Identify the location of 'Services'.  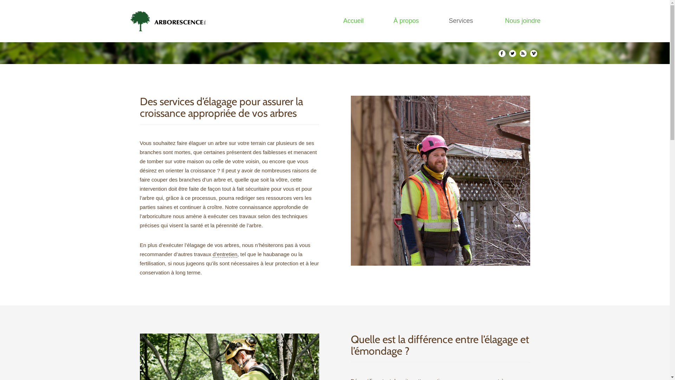
(462, 20).